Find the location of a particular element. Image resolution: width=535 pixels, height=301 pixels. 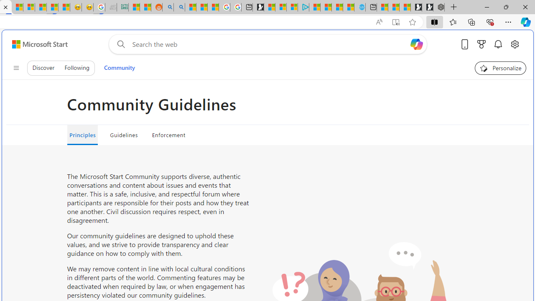

'Microsoft rewards' is located at coordinates (481, 44).